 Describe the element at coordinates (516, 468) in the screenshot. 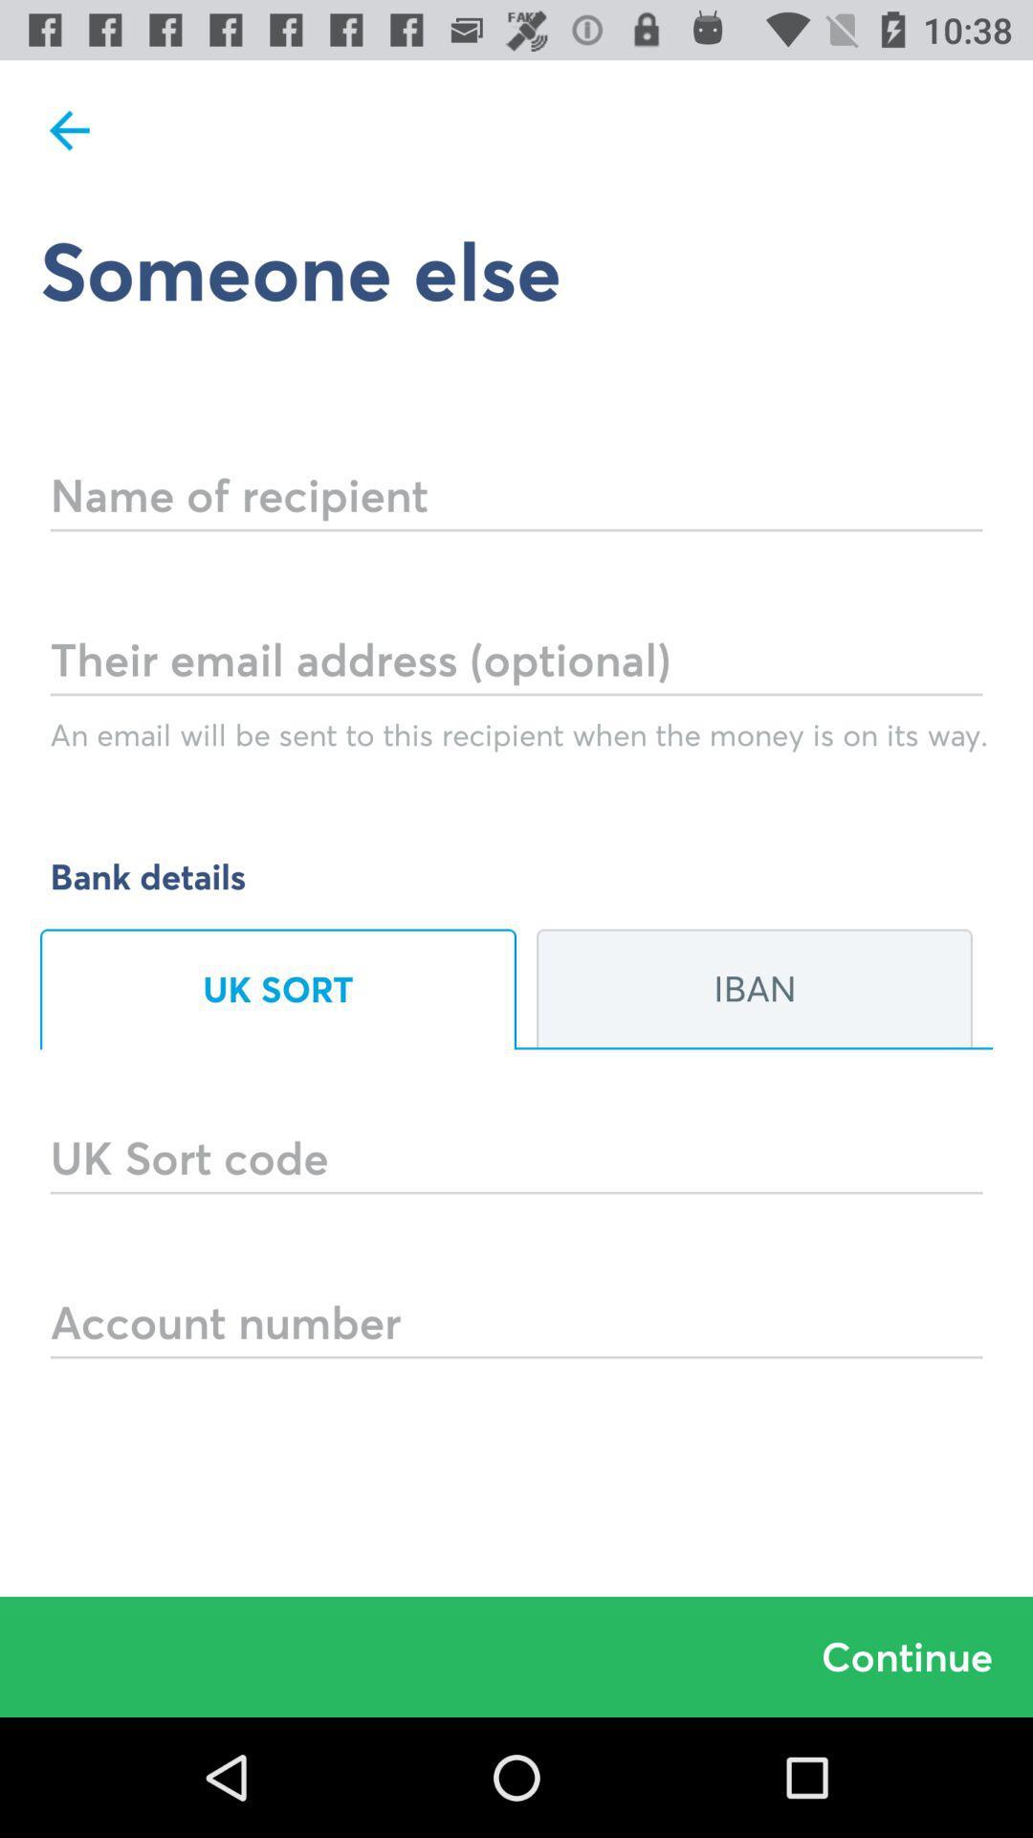

I see `first blank` at that location.